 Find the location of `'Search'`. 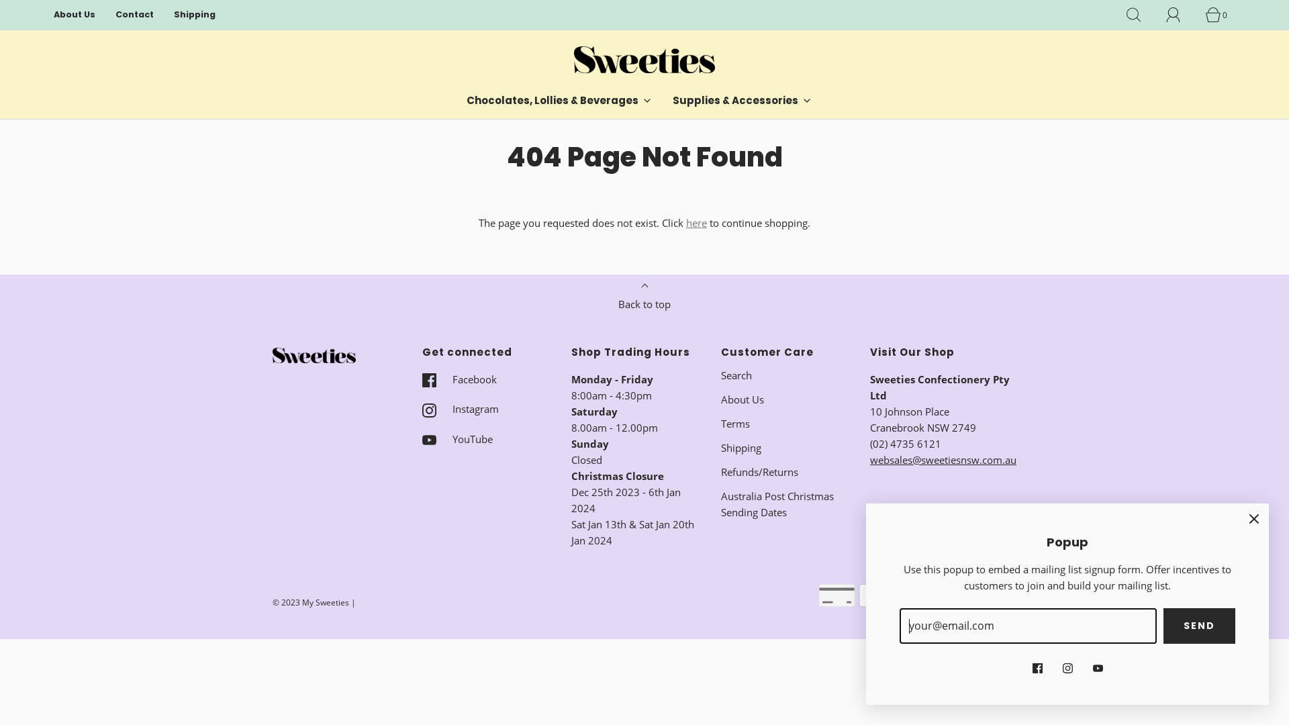

'Search' is located at coordinates (1140, 15).